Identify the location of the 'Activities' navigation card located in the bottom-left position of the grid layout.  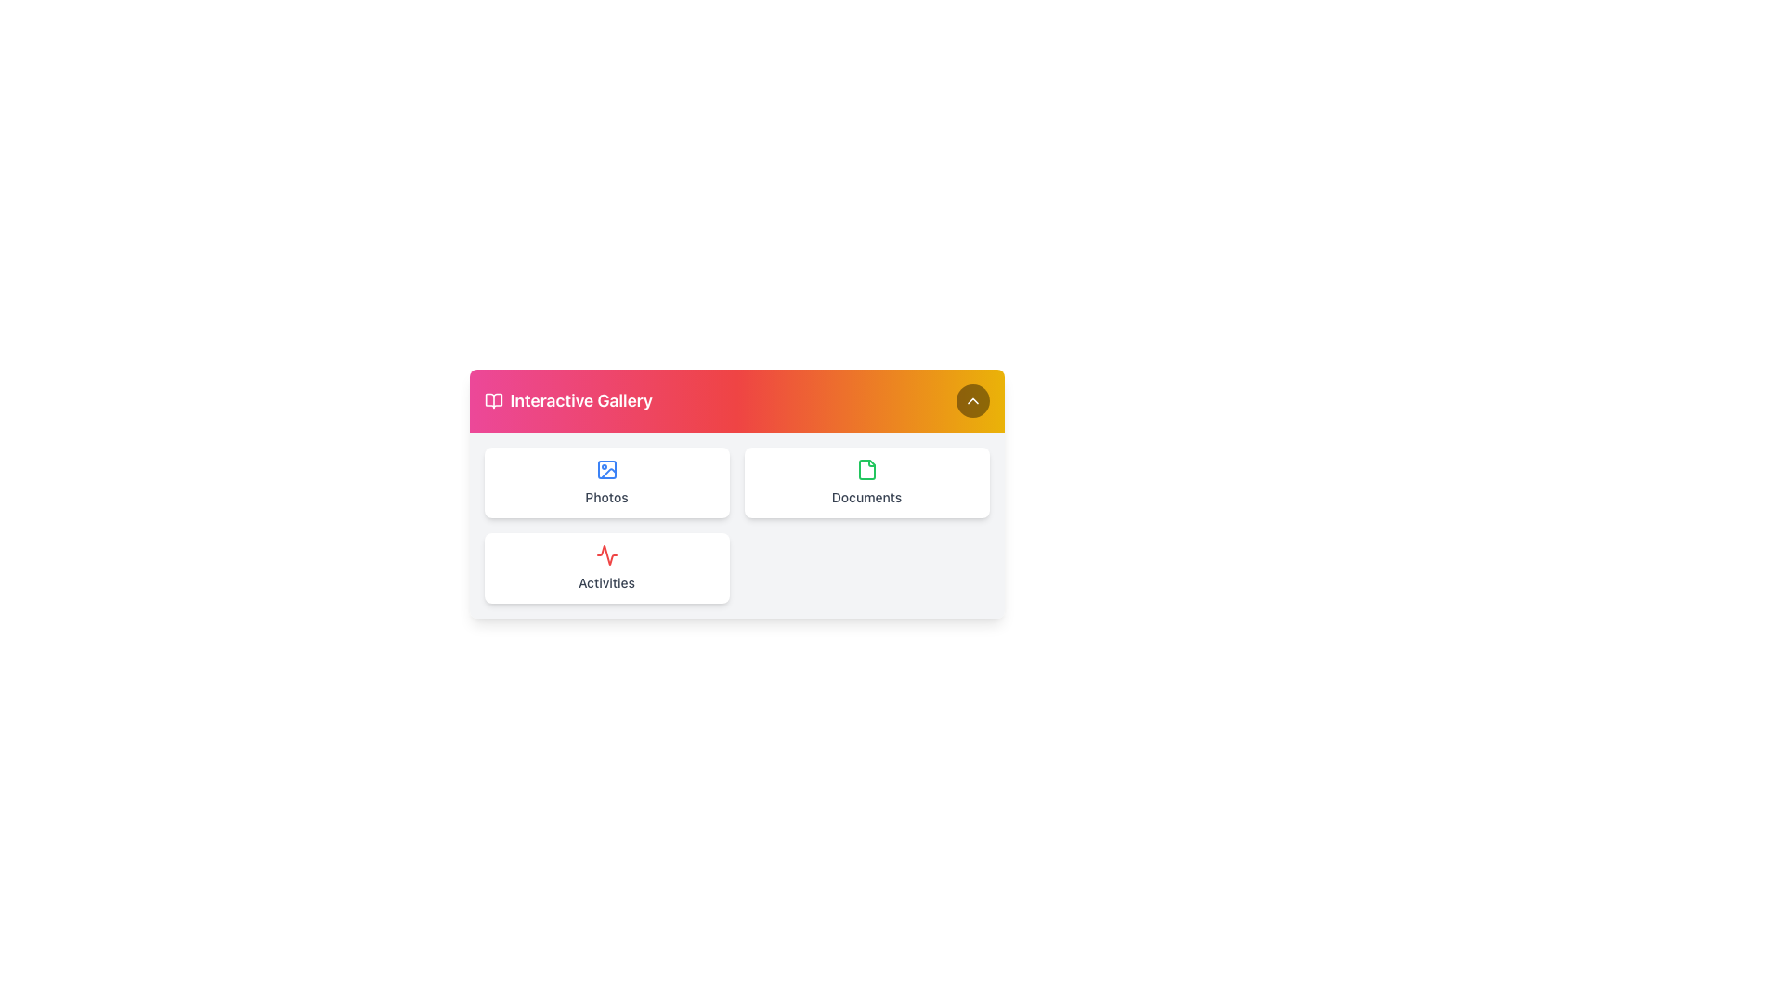
(606, 567).